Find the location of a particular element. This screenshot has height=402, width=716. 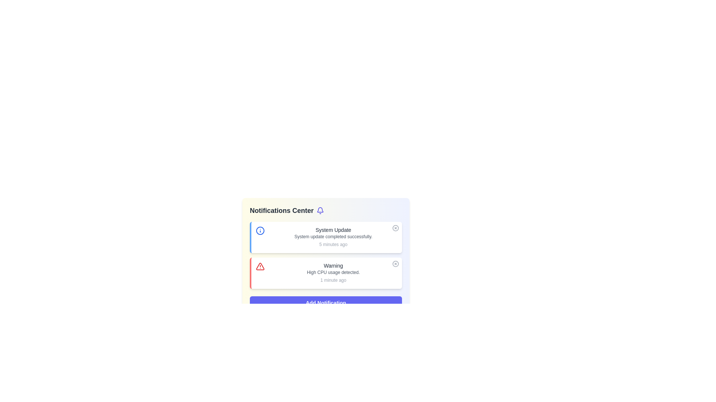

the warning icon indicating high CPU usage alert, positioned to the left of the notification text 'High CPU usage detected.' is located at coordinates (260, 266).